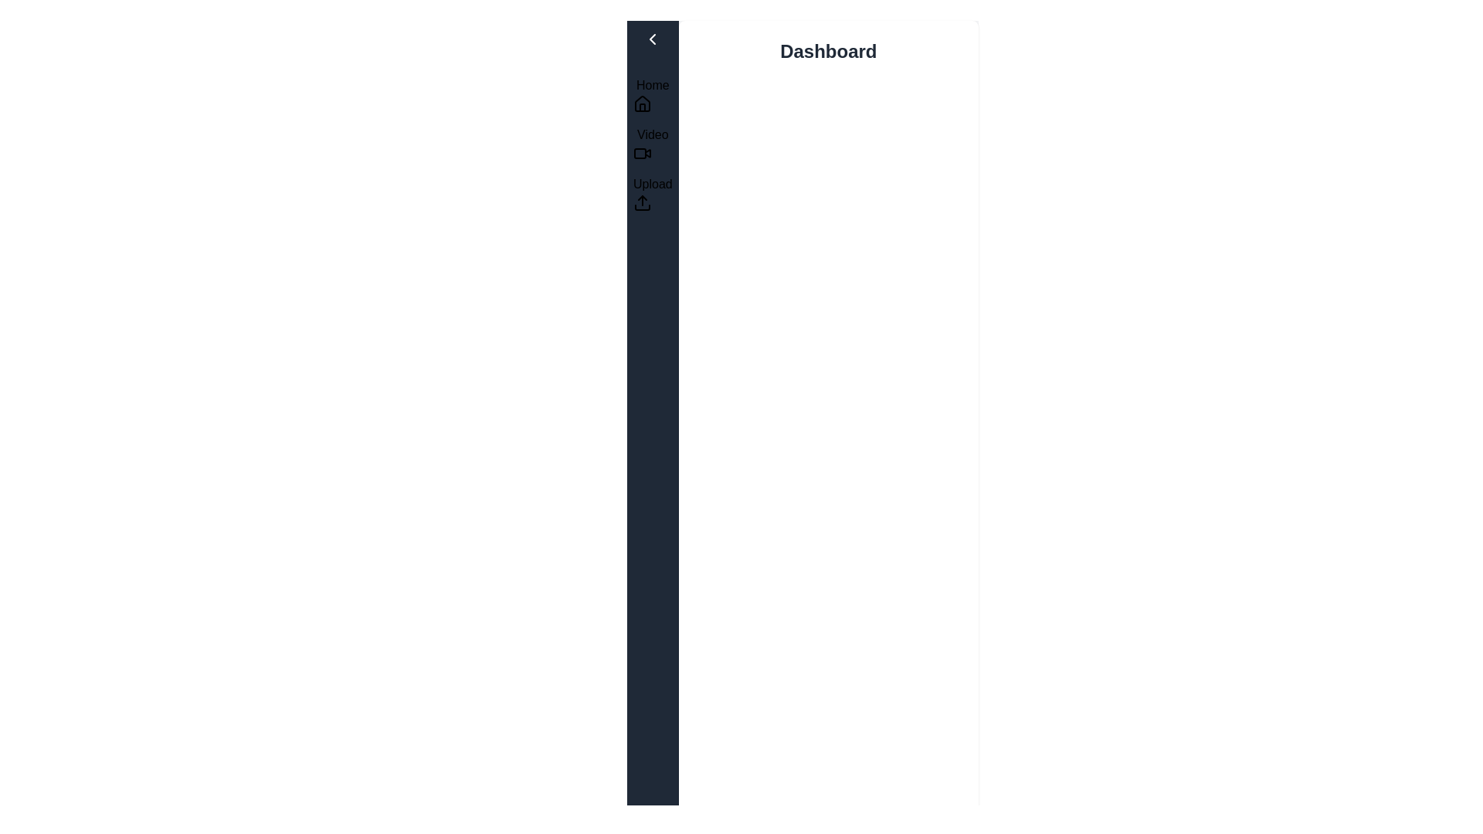 This screenshot has width=1483, height=834. I want to click on the icon button located in the sidebar navigation next to the 'Video' text label, so click(642, 154).